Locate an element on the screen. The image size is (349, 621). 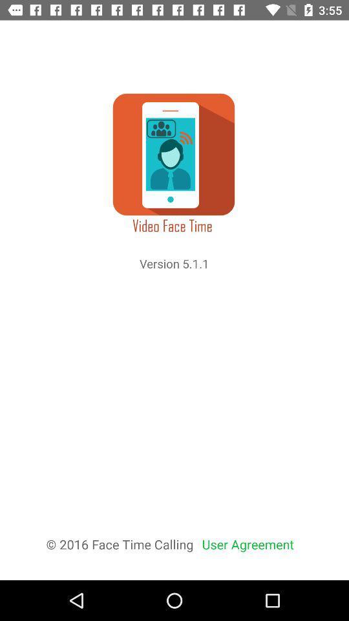
icon next to the 2016 face time icon is located at coordinates (248, 543).